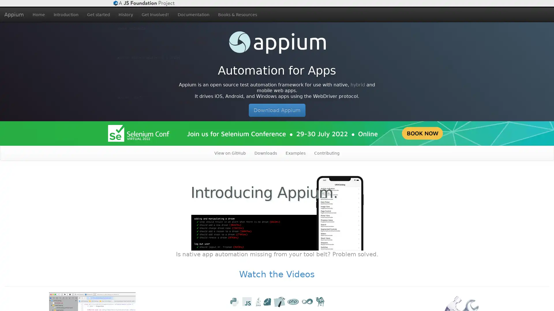 The height and width of the screenshot is (311, 554). What do you see at coordinates (276, 110) in the screenshot?
I see `Download Appium` at bounding box center [276, 110].